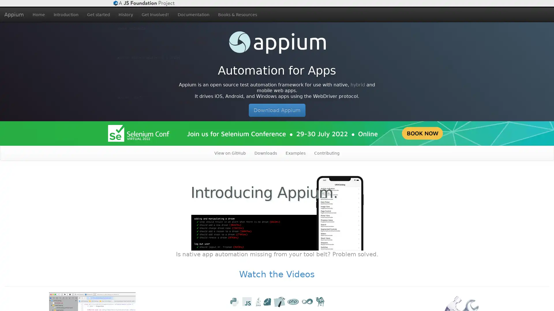 The height and width of the screenshot is (311, 554). What do you see at coordinates (276, 110) in the screenshot?
I see `Download Appium` at bounding box center [276, 110].